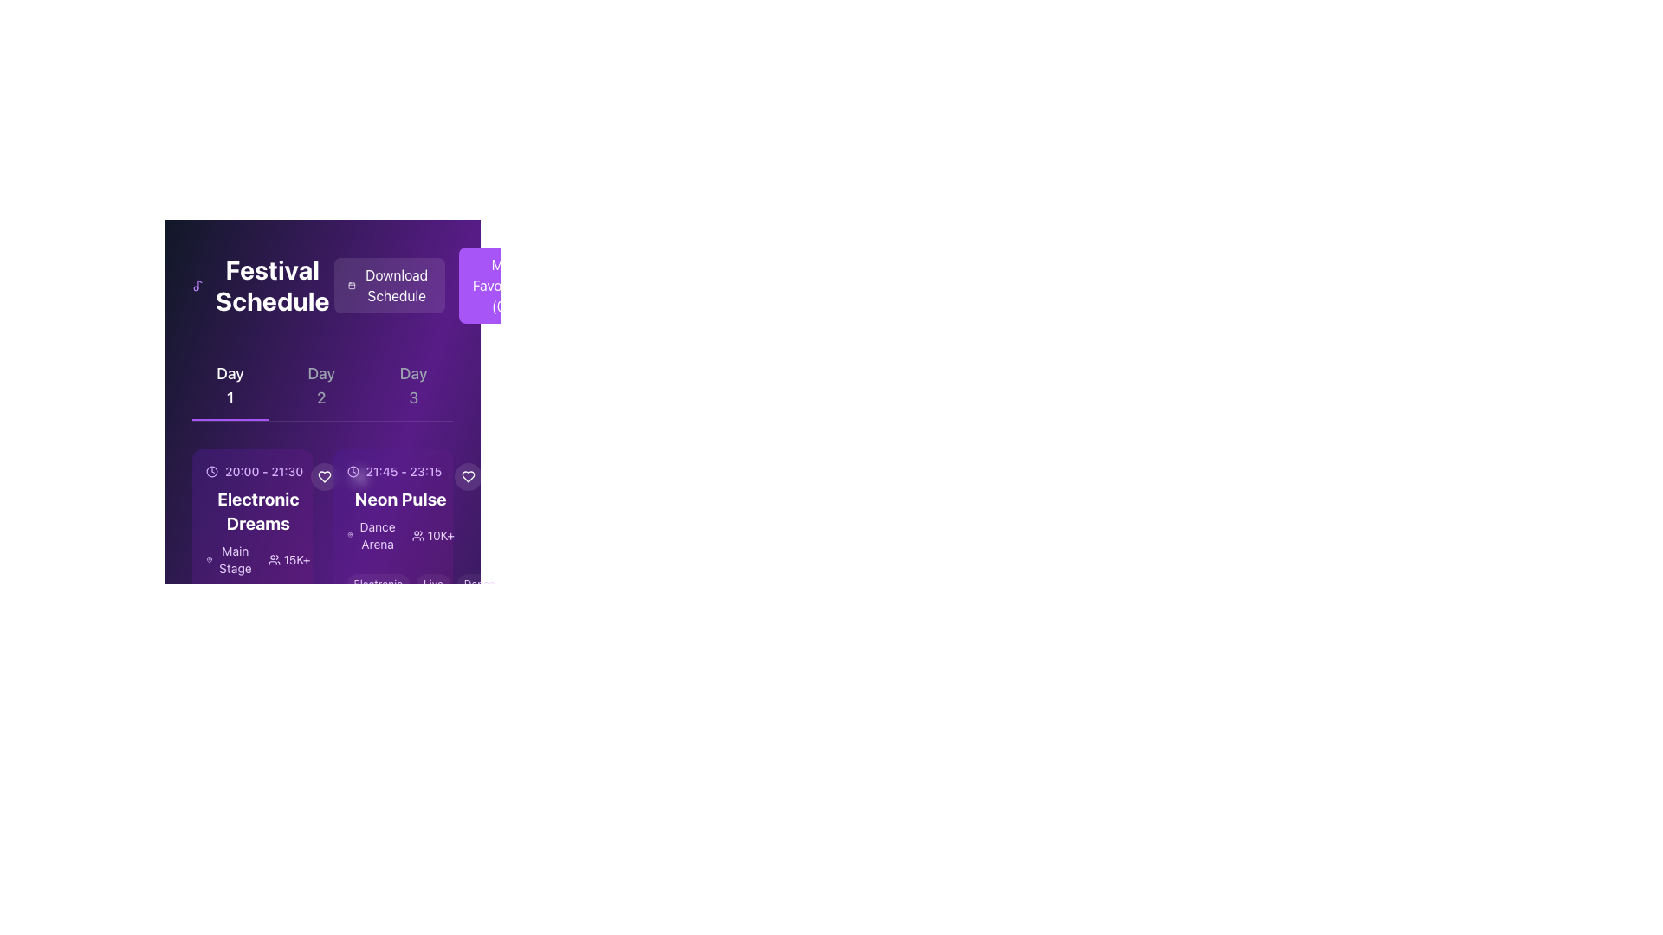 This screenshot has width=1663, height=935. I want to click on and comprehend the static text label displaying 'Electronic Dreams' located within the first event card, positioned below the time indicator and above the stage details, so click(257, 510).